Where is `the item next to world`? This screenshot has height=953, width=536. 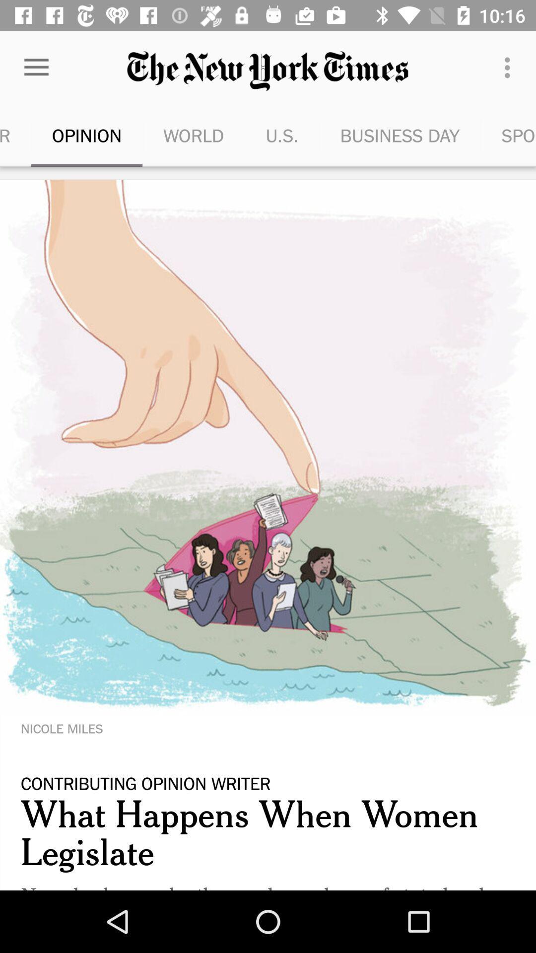 the item next to world is located at coordinates (282, 135).